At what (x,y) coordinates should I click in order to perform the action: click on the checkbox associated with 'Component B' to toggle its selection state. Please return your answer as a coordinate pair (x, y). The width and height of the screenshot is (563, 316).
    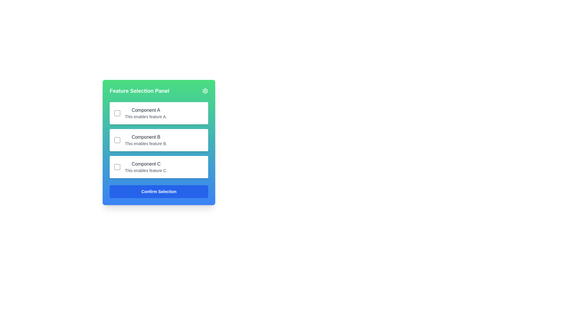
    Looking at the image, I should click on (117, 140).